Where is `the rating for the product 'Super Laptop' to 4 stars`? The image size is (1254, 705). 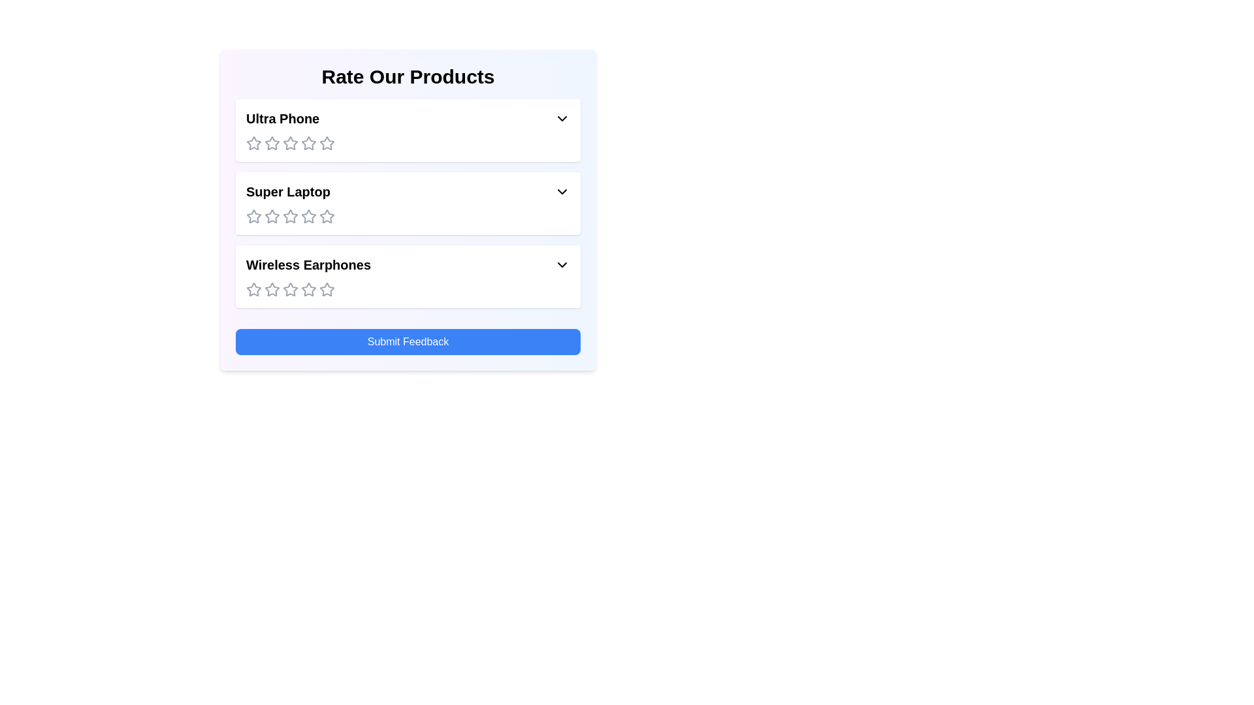 the rating for the product 'Super Laptop' to 4 stars is located at coordinates (308, 215).